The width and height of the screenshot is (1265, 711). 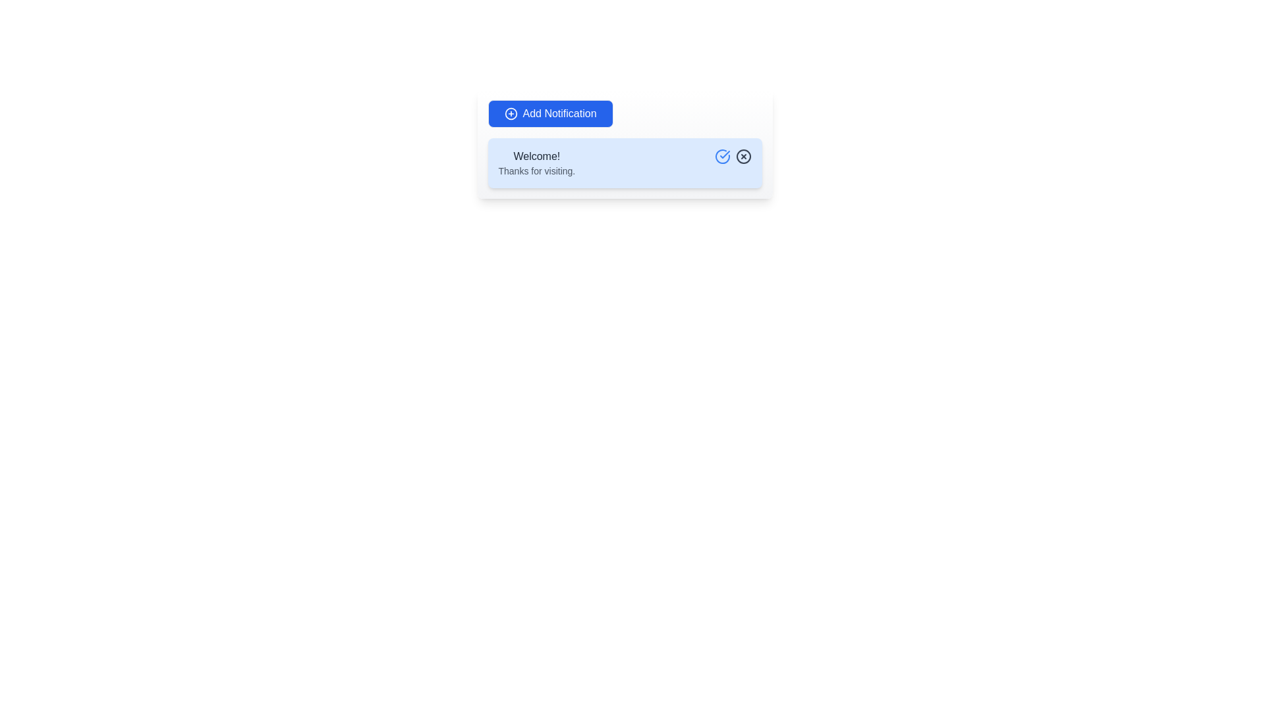 What do you see at coordinates (510, 113) in the screenshot?
I see `the Decorative SVG Circle, which is part of the 'circle plus' icon indicating addition functionality within the 'Add Notification' button located at the top-left of the UI` at bounding box center [510, 113].